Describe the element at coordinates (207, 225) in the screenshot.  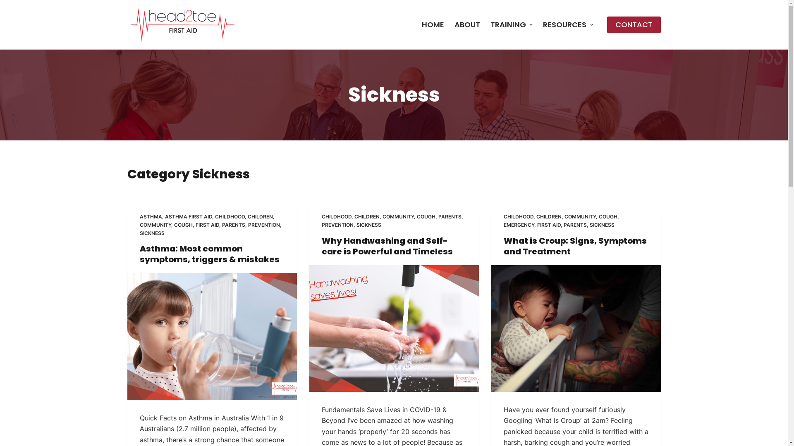
I see `'FIRST AID'` at that location.